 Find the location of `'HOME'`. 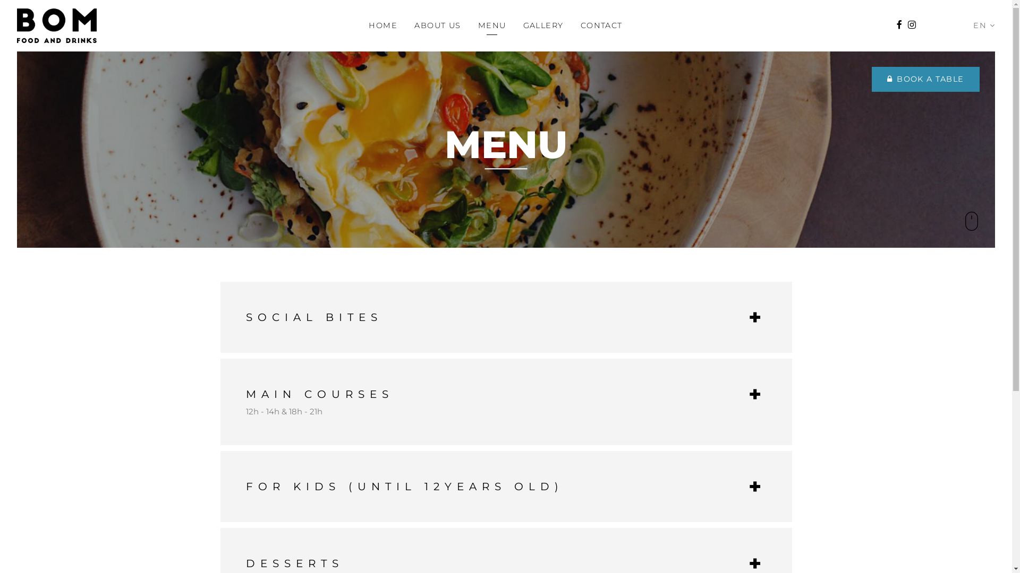

'HOME' is located at coordinates (382, 24).